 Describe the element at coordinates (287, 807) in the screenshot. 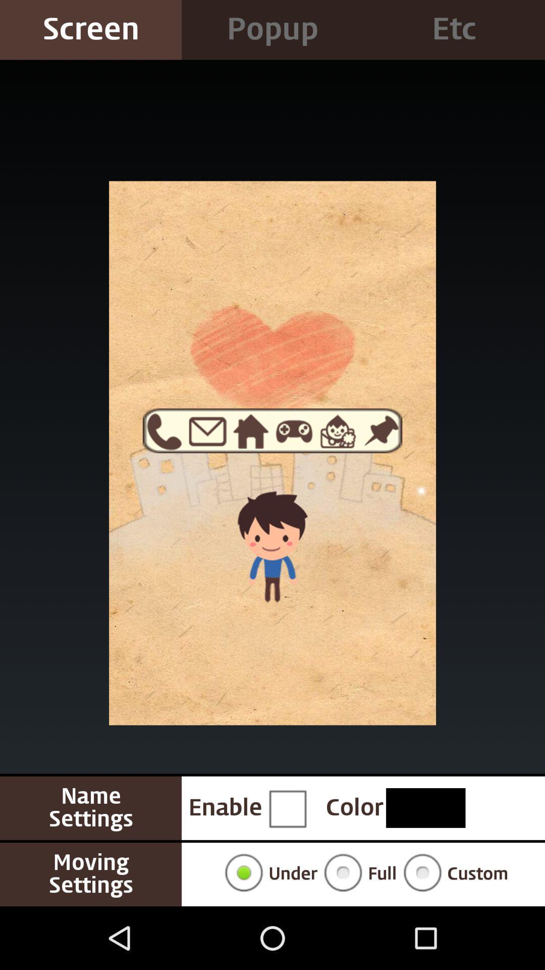

I see `enable toggle button` at that location.